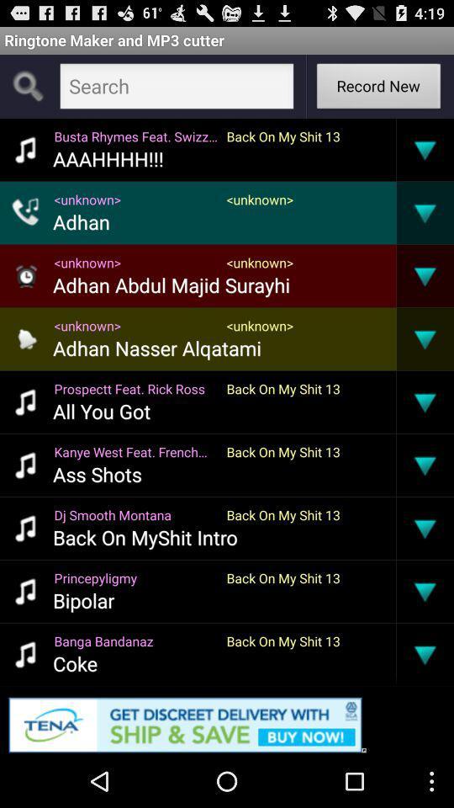 The height and width of the screenshot is (808, 454). I want to click on the busta rhymes feat item, so click(135, 135).